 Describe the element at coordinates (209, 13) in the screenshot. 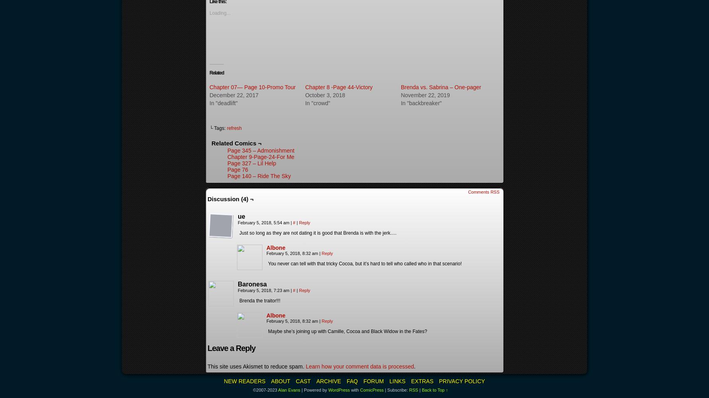

I see `'Loading...'` at that location.